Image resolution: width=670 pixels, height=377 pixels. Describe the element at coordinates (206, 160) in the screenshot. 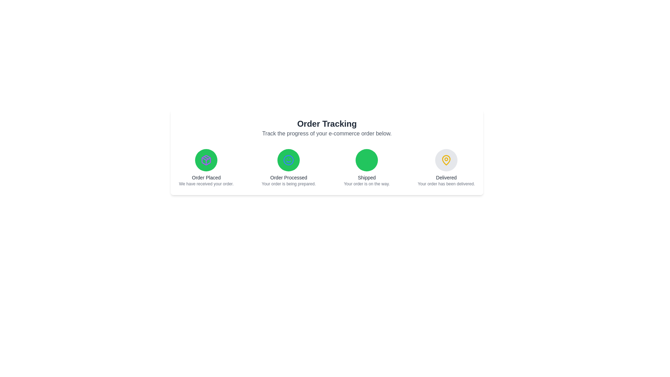

I see `the icon with a circular green background and a purple package icon, which is part of the 'Order Placed' section` at that location.